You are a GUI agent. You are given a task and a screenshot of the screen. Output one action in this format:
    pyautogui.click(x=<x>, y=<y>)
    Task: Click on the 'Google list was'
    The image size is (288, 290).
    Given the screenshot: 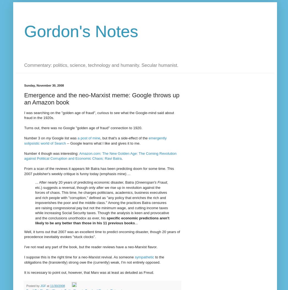 What is the action you would take?
    pyautogui.click(x=50, y=138)
    